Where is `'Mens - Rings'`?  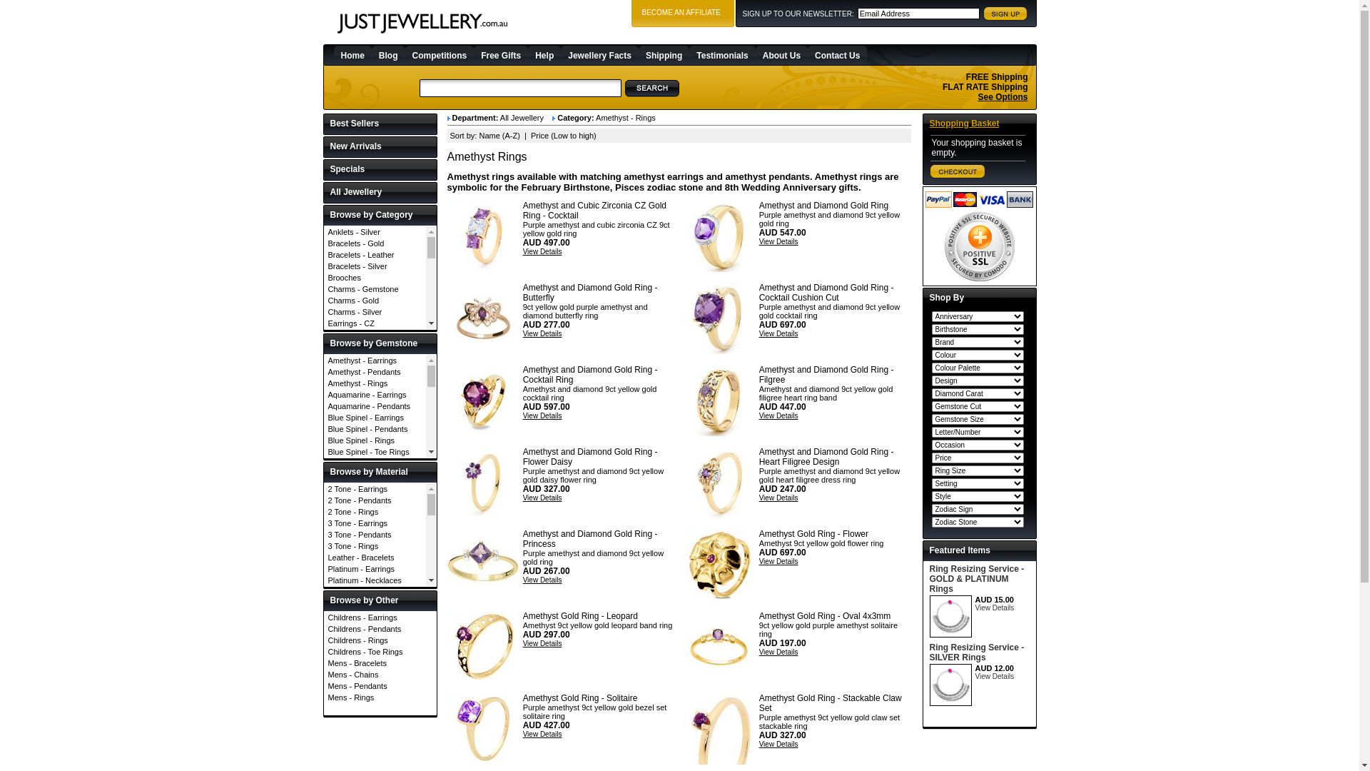 'Mens - Rings' is located at coordinates (380, 696).